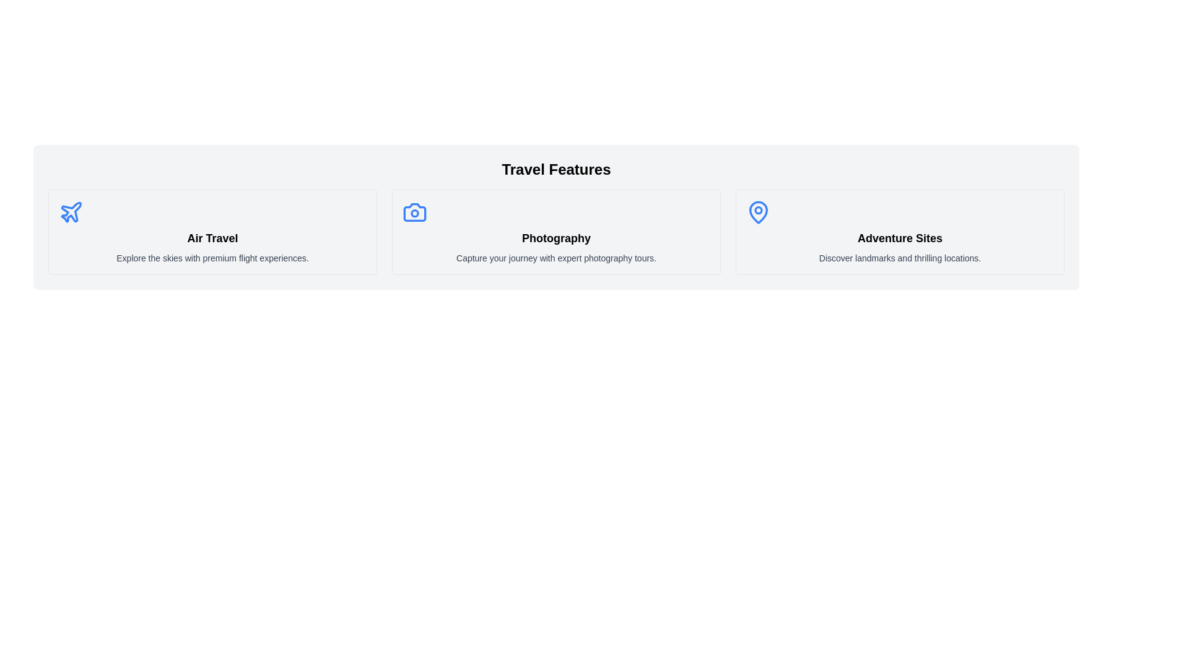 This screenshot has height=669, width=1189. What do you see at coordinates (555, 257) in the screenshot?
I see `the static text block that reads 'Capture your journey with expert photography tours.' located beneath the header 'Photography' in the central card` at bounding box center [555, 257].